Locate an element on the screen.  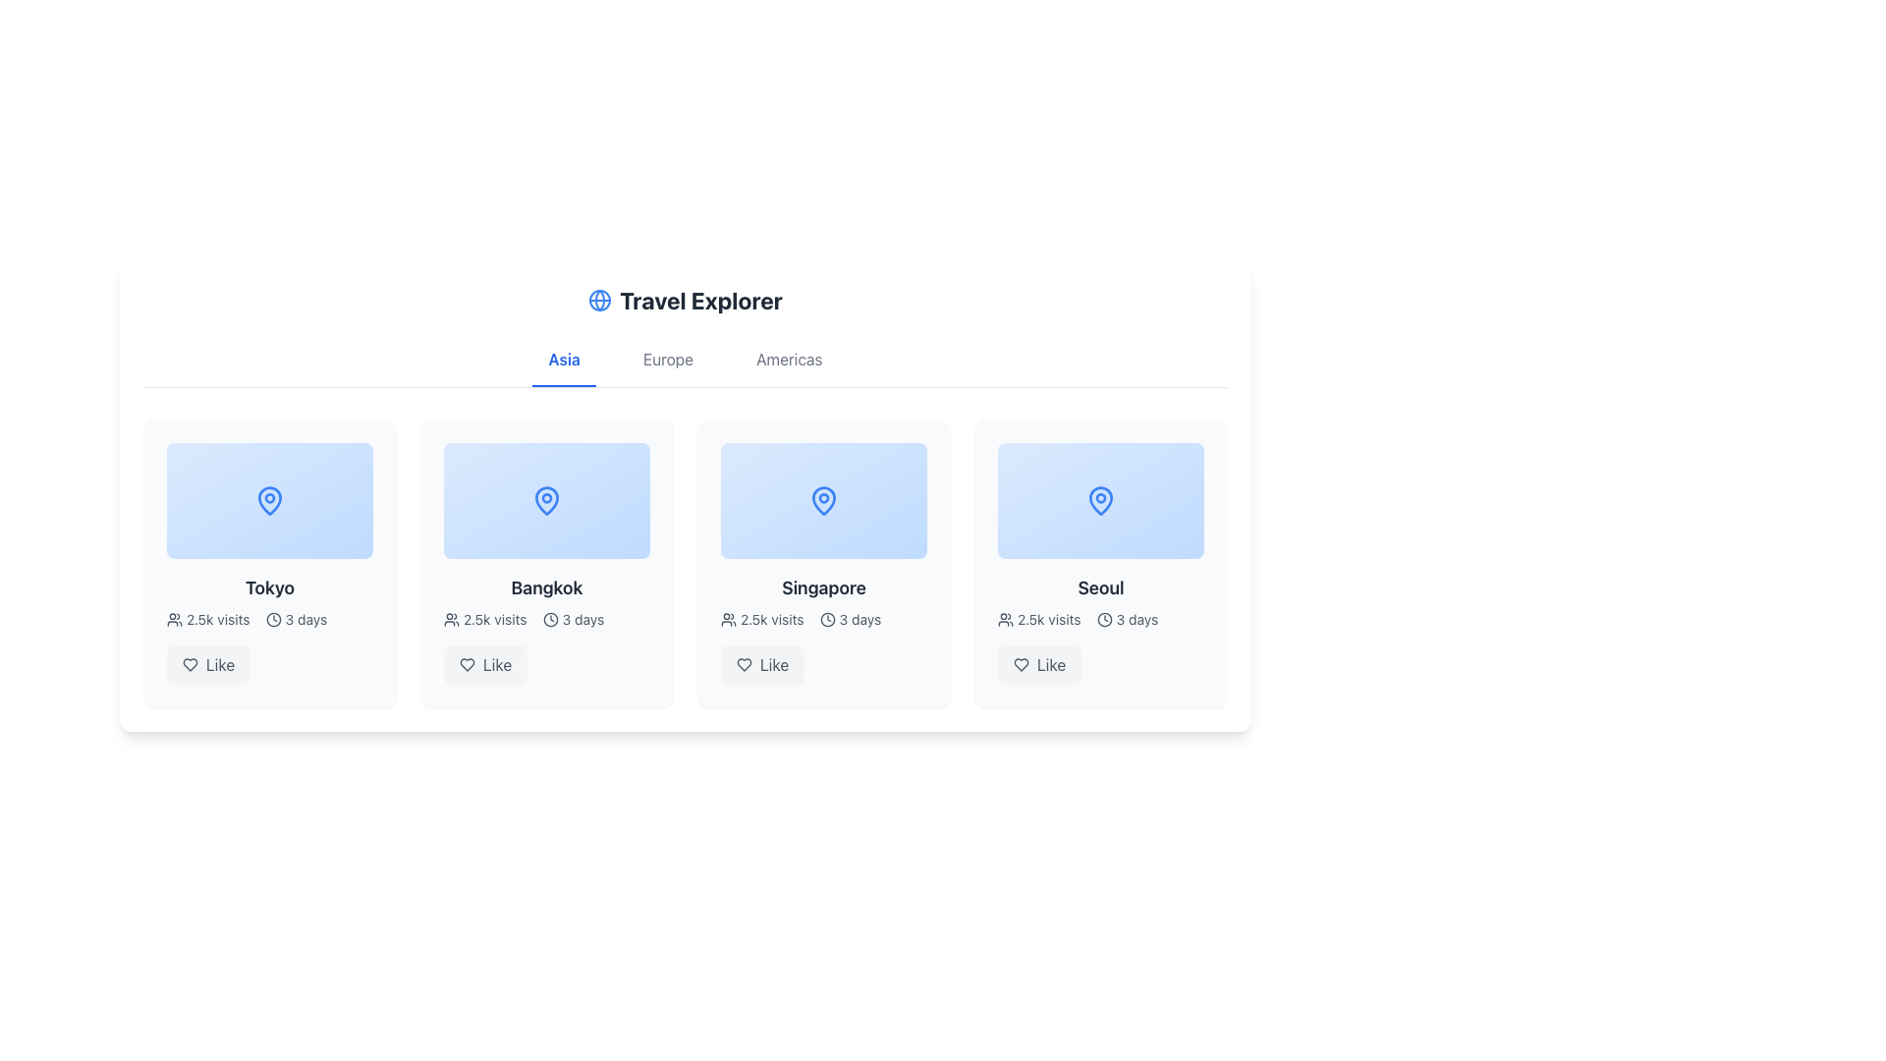
the text label 'Bangkok' which is styled in bold dark gray font, positioned under the blue image placeholder in a grid layout of travel destinations is located at coordinates (546, 586).